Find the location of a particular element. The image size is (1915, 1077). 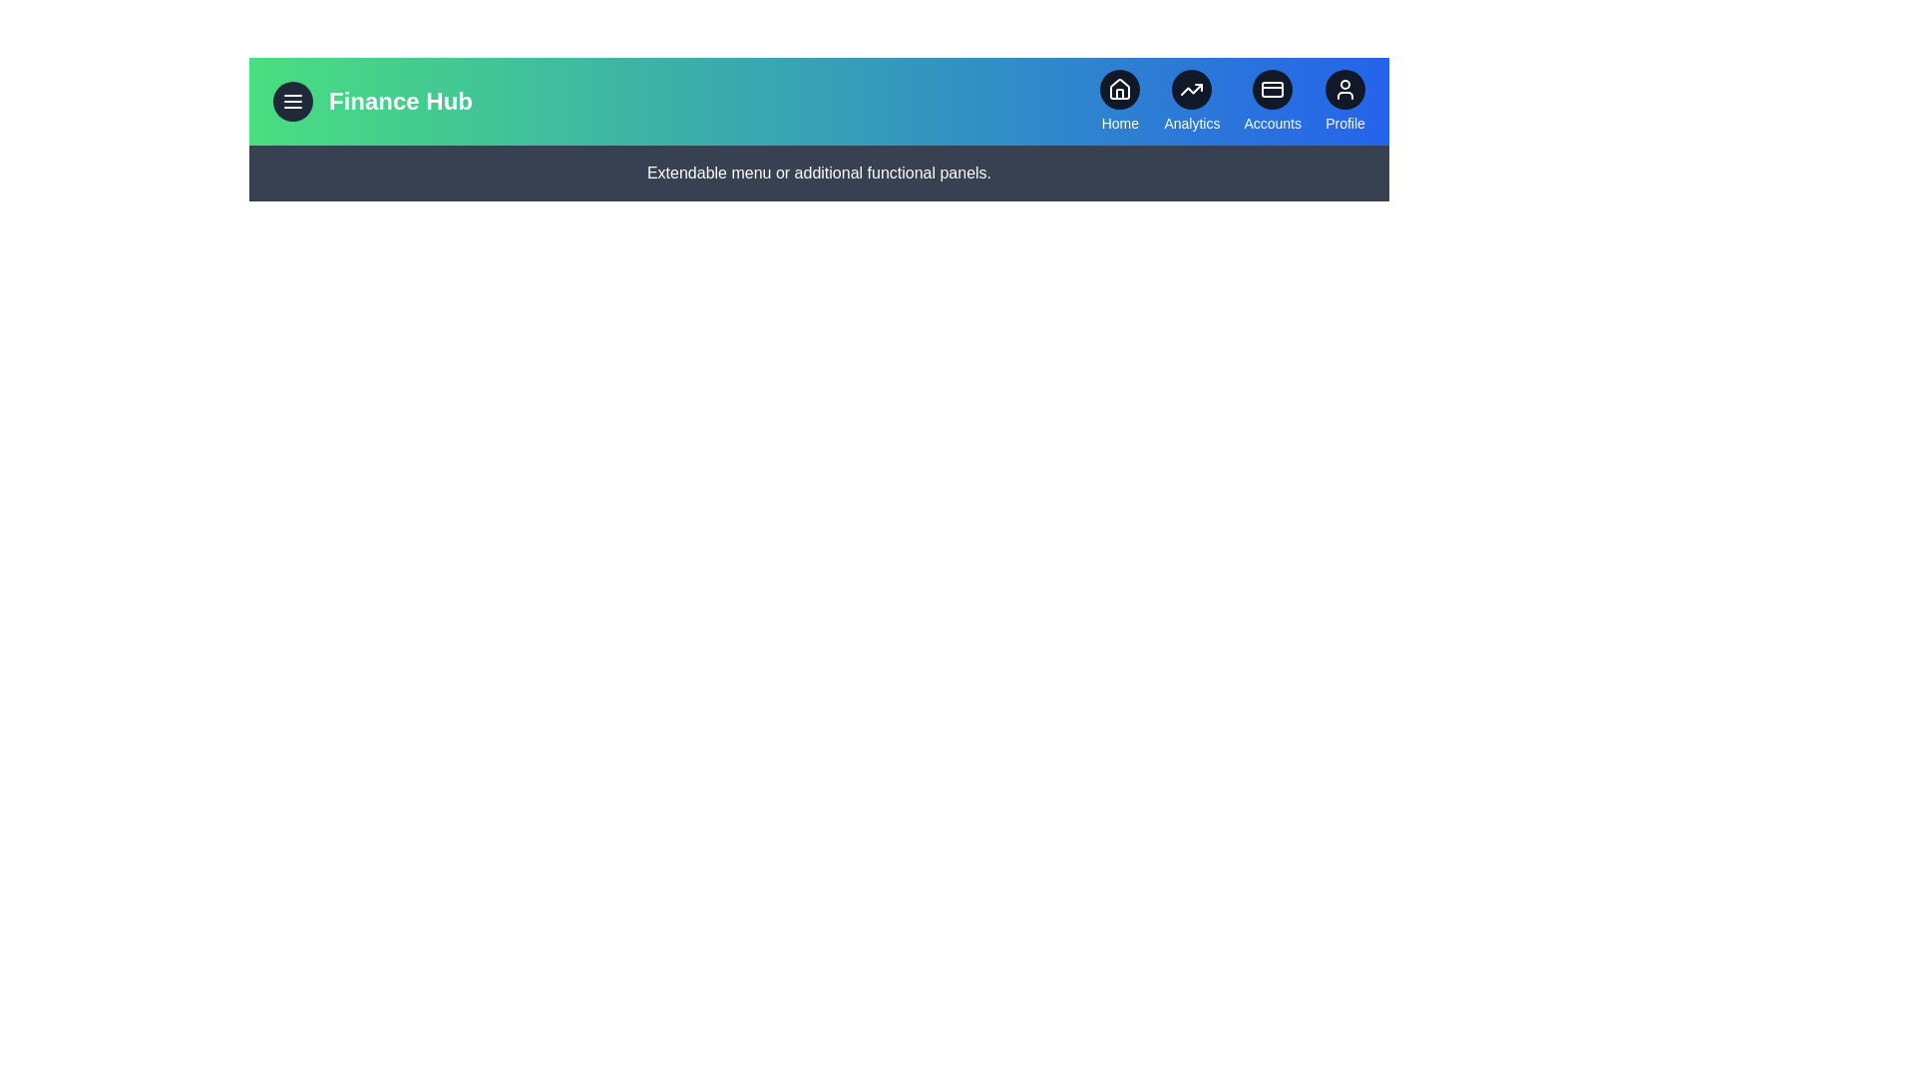

the Profile icon to navigate to the corresponding section is located at coordinates (1344, 88).